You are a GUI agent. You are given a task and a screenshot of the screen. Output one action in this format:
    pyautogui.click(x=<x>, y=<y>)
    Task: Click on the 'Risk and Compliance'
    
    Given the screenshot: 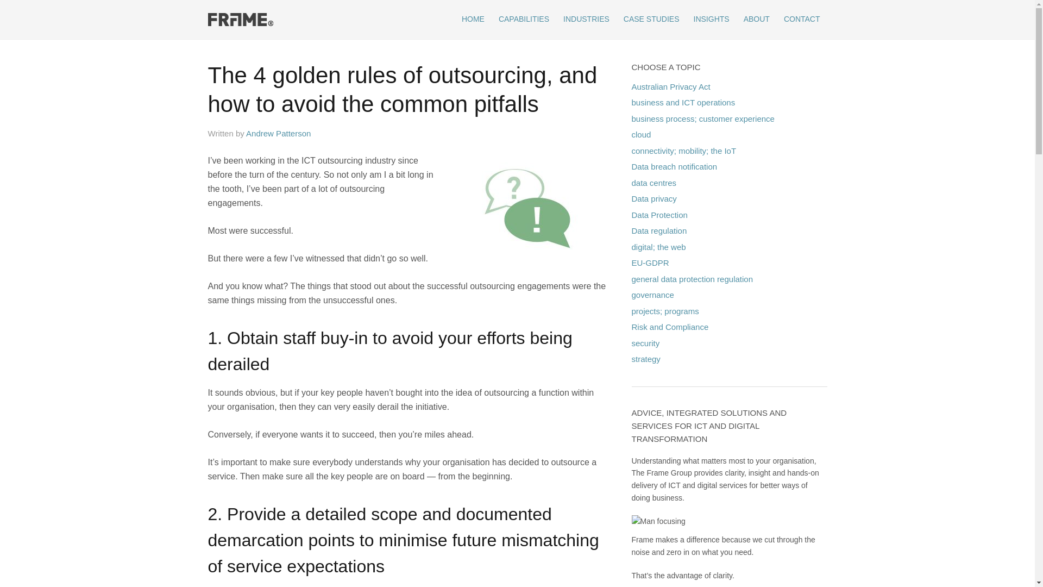 What is the action you would take?
    pyautogui.click(x=631, y=326)
    